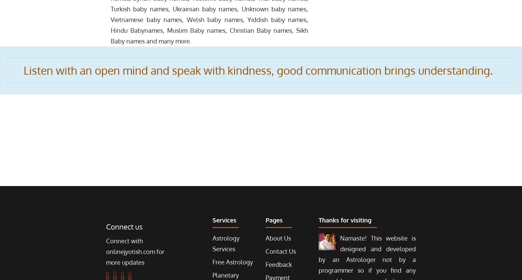 The height and width of the screenshot is (280, 522). I want to click on 'Feedback', so click(265, 264).